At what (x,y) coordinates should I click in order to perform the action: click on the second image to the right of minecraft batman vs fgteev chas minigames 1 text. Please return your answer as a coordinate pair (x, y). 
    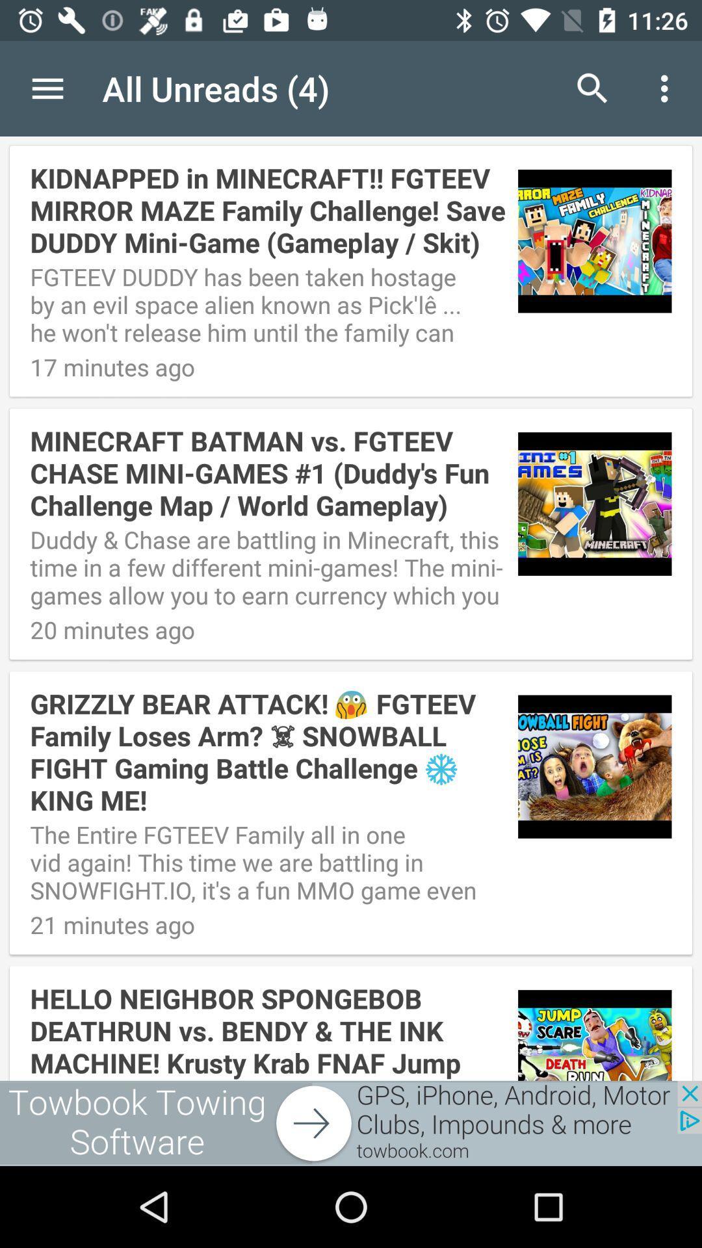
    Looking at the image, I should click on (595, 499).